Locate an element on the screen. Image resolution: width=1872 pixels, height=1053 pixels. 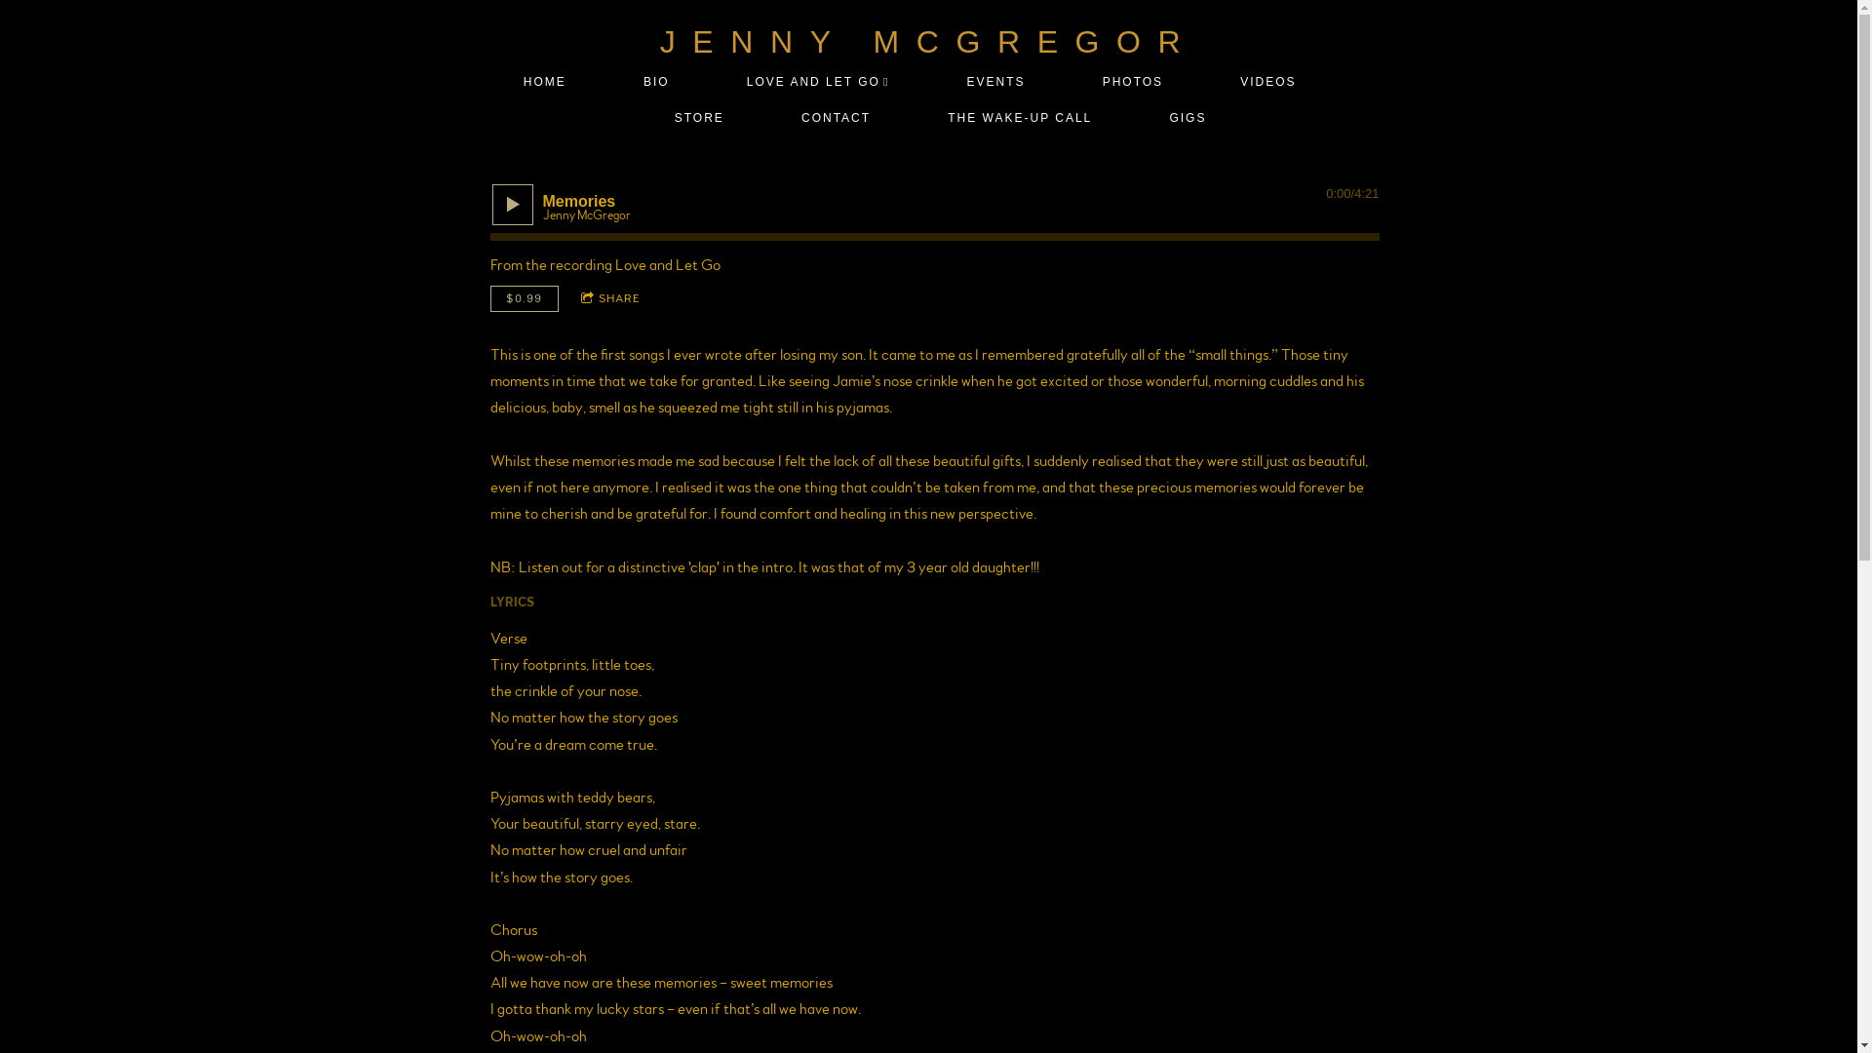
'Play' is located at coordinates (500, 204).